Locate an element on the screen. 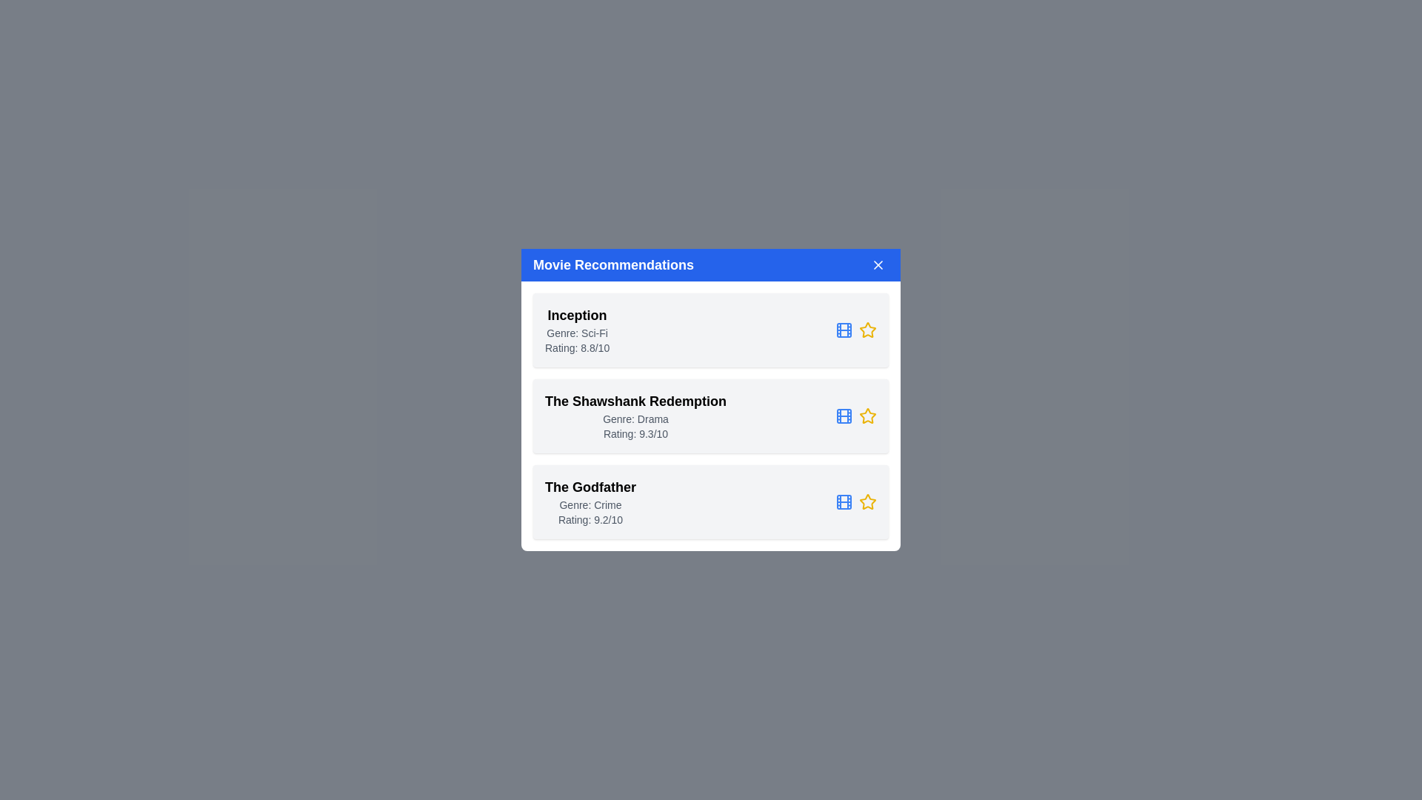  the Film icon for the movie The Godfather is located at coordinates (844, 501).